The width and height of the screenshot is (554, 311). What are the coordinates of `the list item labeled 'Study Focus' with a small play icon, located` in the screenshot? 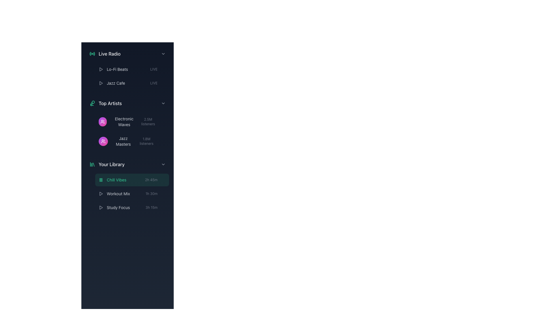 It's located at (114, 208).